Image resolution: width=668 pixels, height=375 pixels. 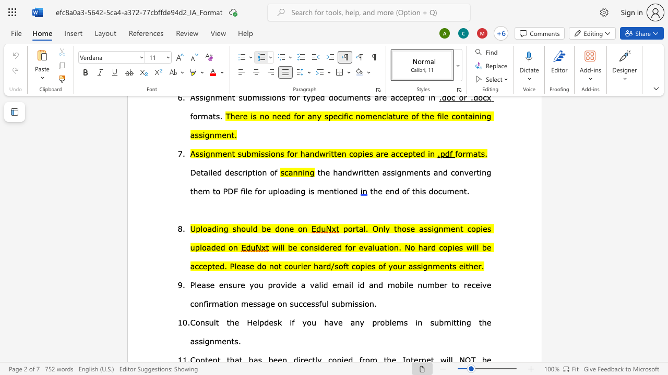 What do you see at coordinates (209, 341) in the screenshot?
I see `the space between the continuous character "g" and "n" in the text` at bounding box center [209, 341].